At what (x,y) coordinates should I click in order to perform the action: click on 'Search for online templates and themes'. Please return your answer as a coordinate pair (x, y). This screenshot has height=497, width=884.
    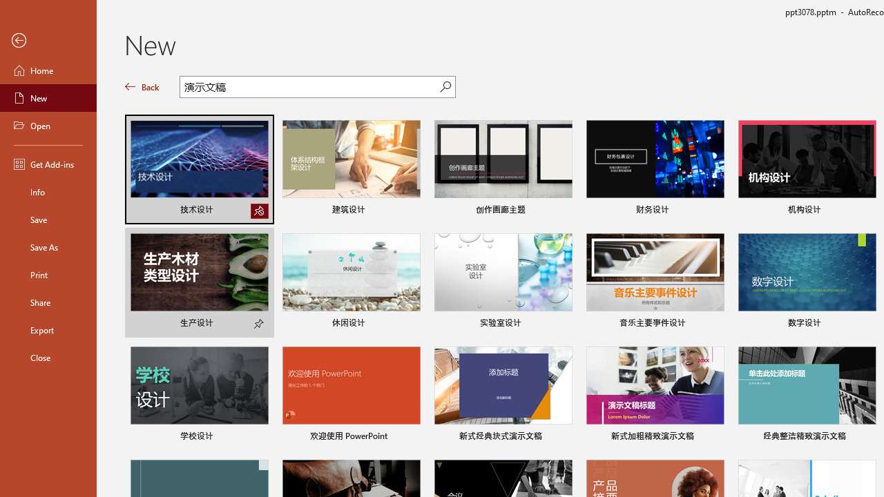
    Looking at the image, I should click on (309, 88).